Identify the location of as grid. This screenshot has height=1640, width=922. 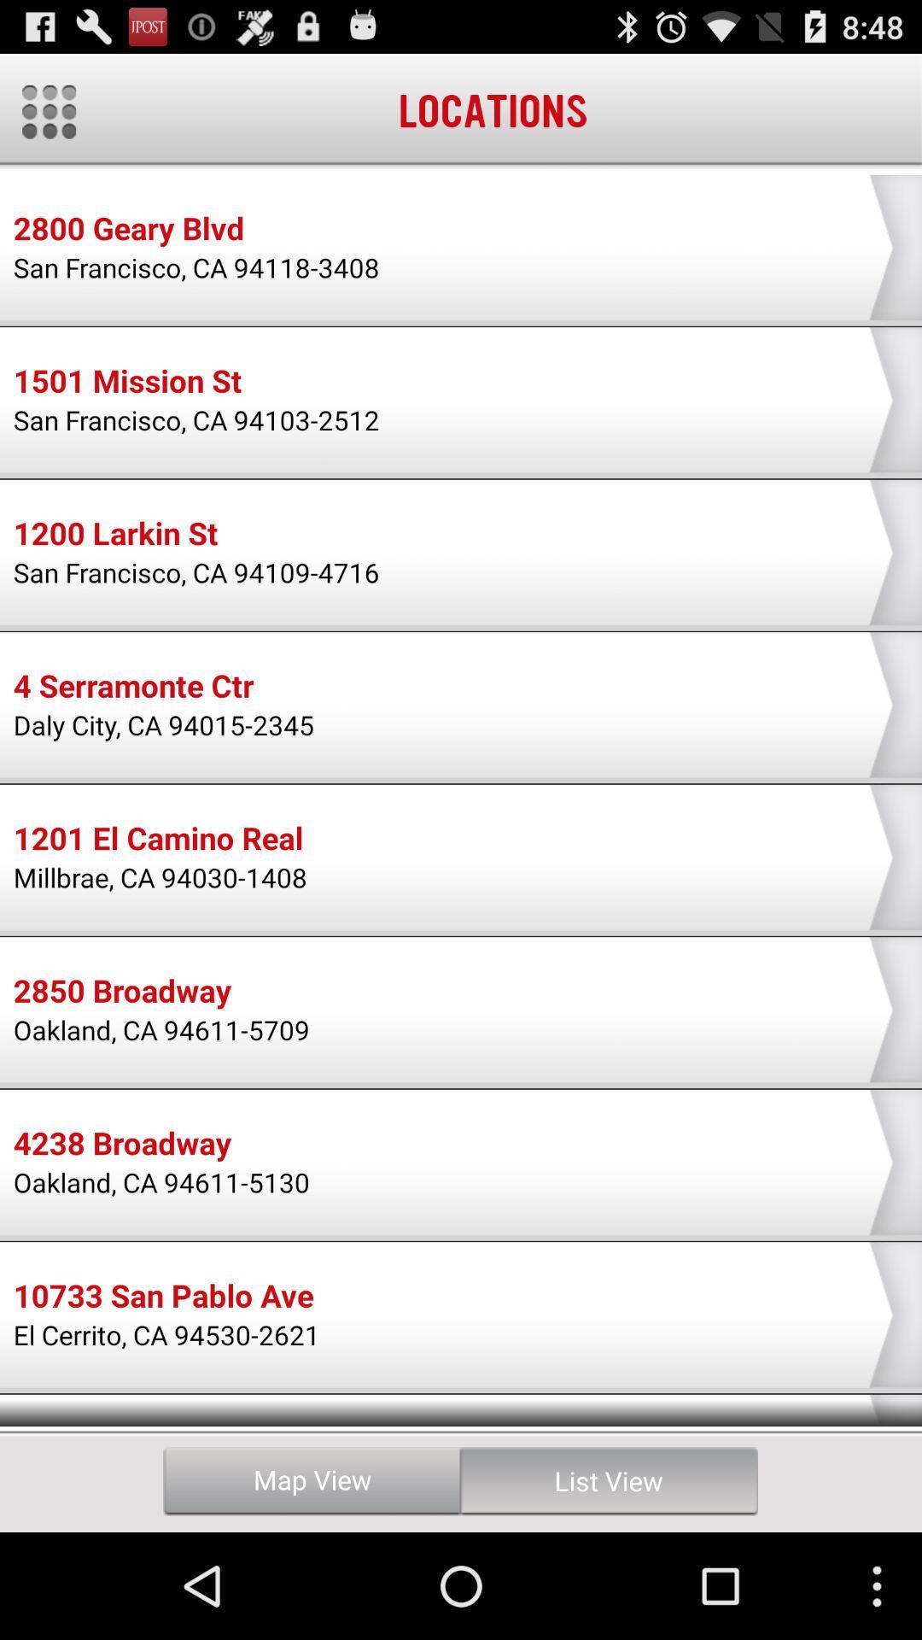
(48, 111).